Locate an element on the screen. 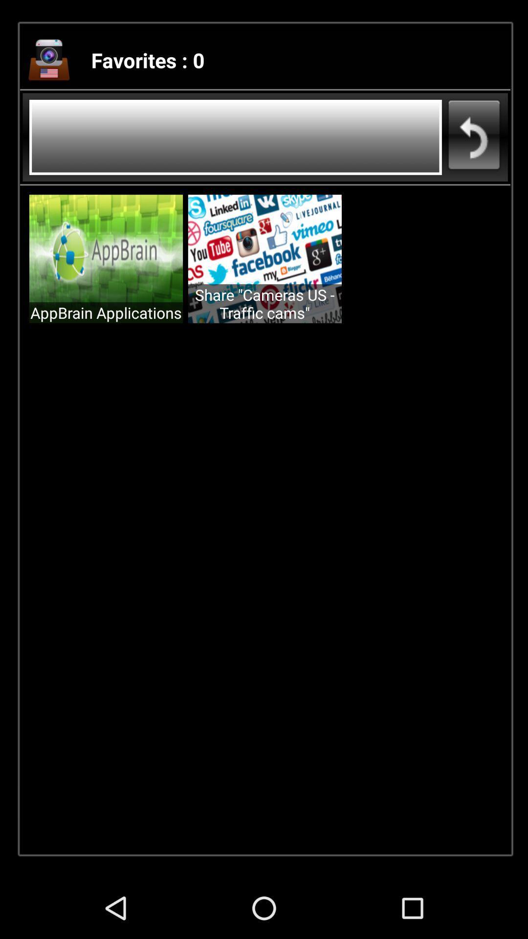  search bar is located at coordinates (235, 136).